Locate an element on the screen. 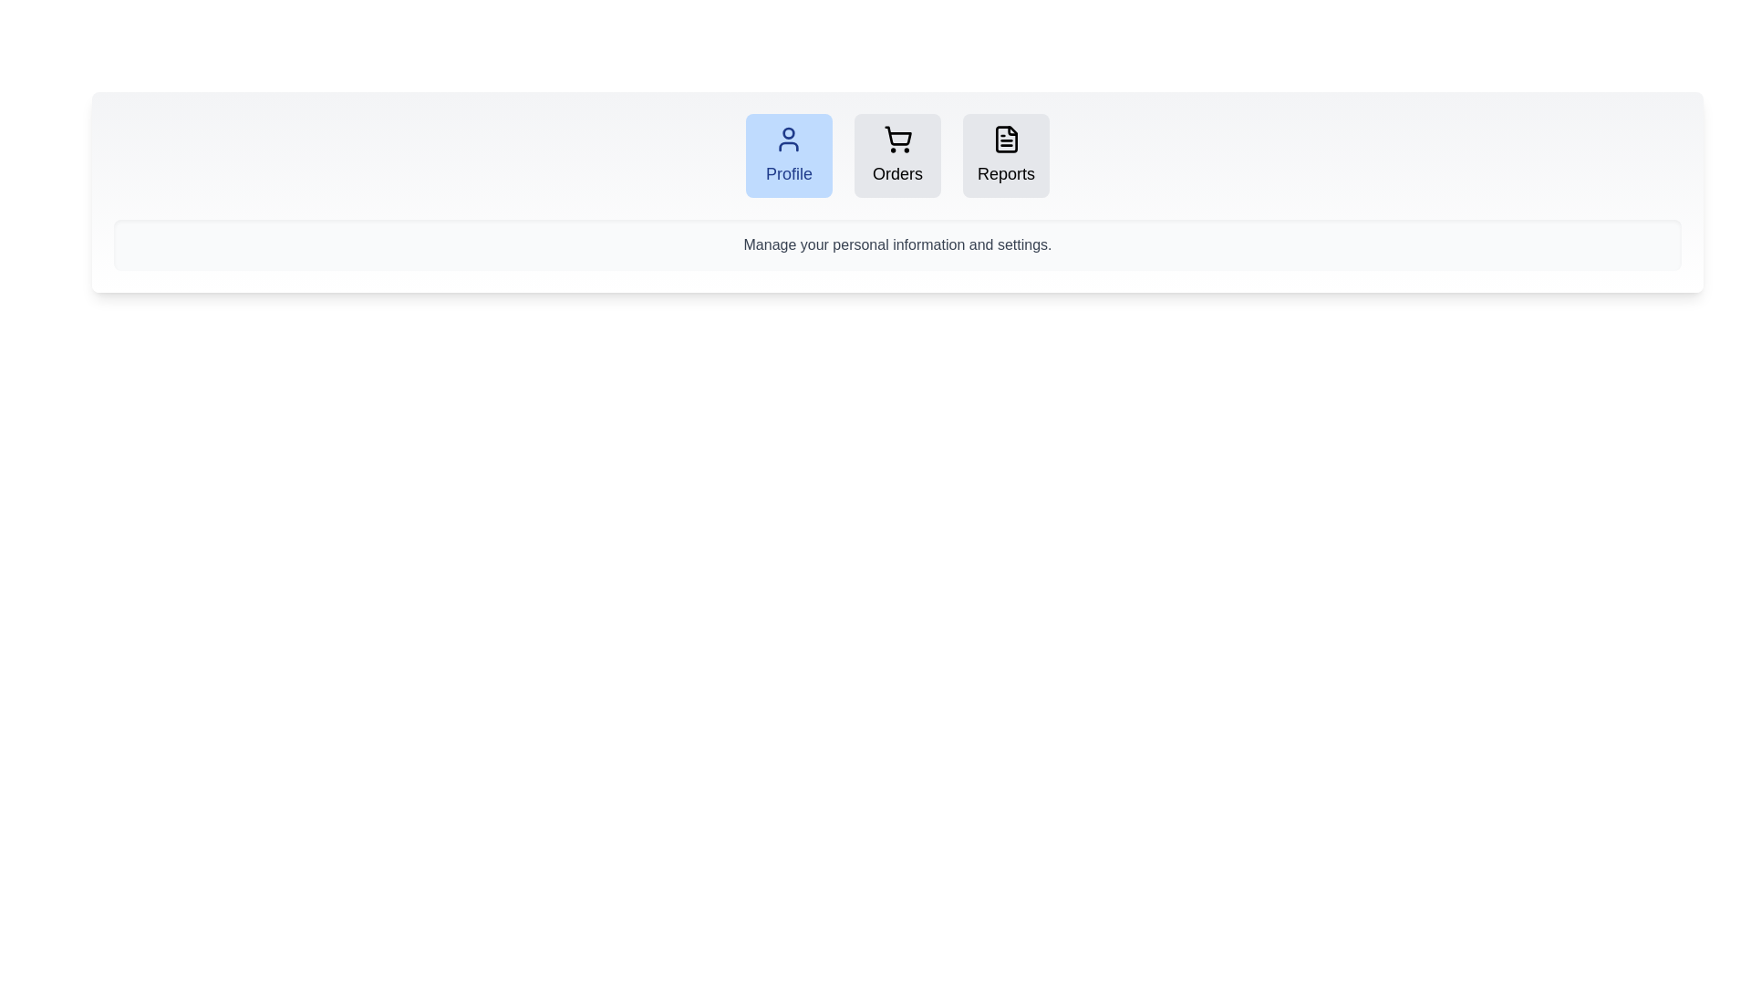 This screenshot has height=985, width=1751. the tab labeled Orders to observe its hover effect is located at coordinates (897, 154).